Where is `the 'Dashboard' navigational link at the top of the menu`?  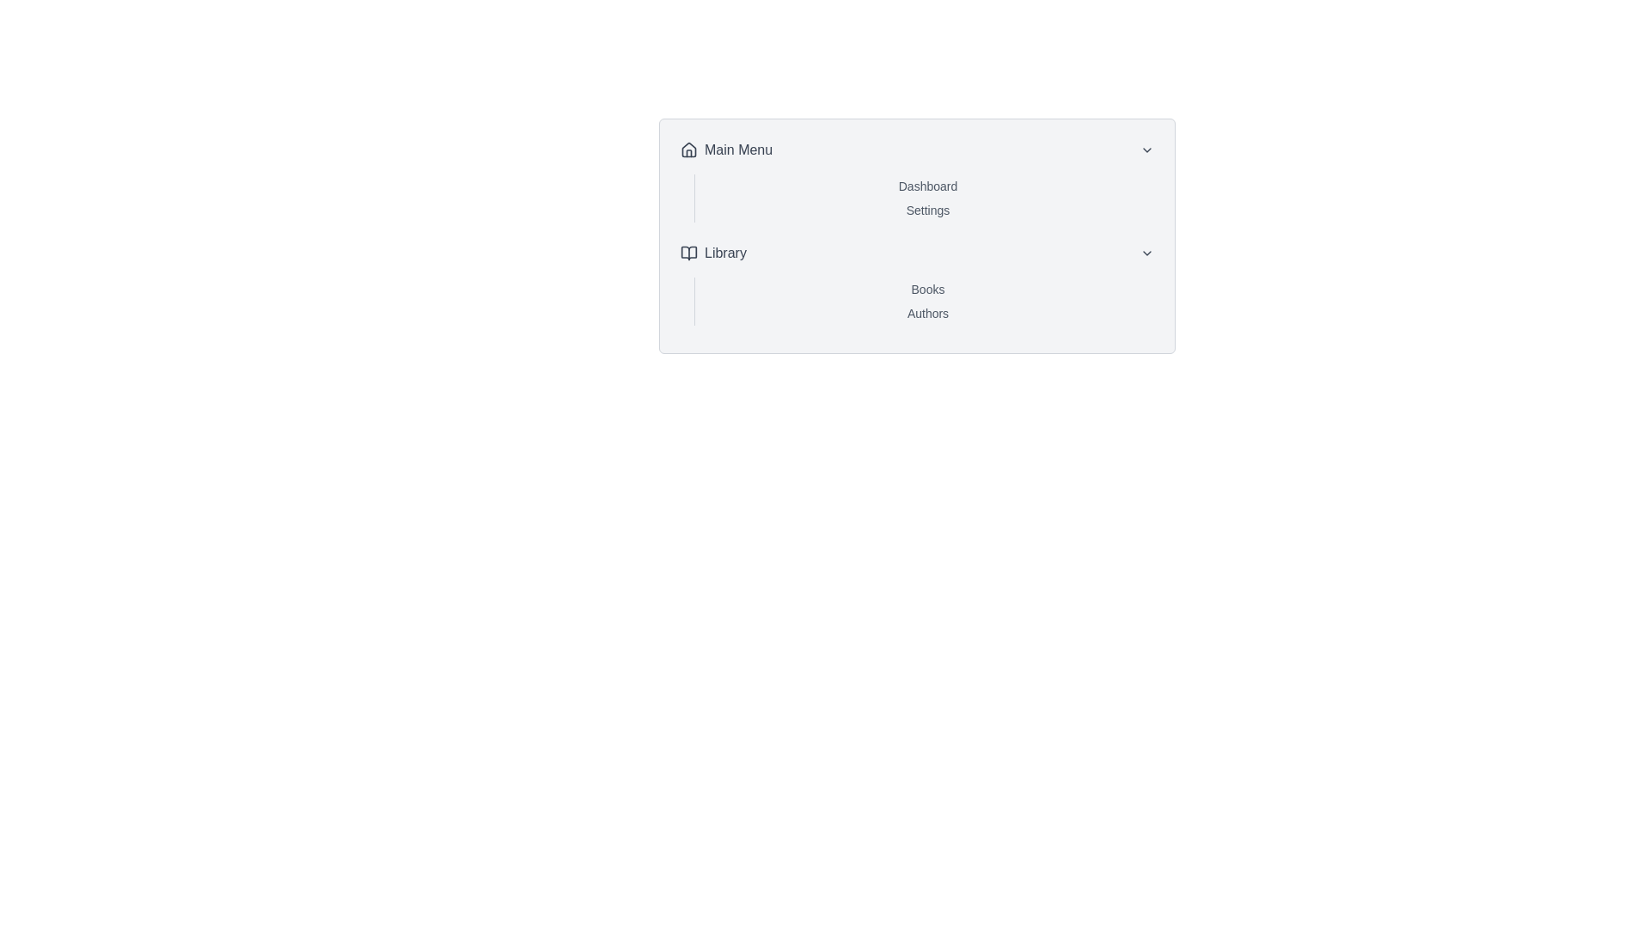 the 'Dashboard' navigational link at the top of the menu is located at coordinates (927, 186).